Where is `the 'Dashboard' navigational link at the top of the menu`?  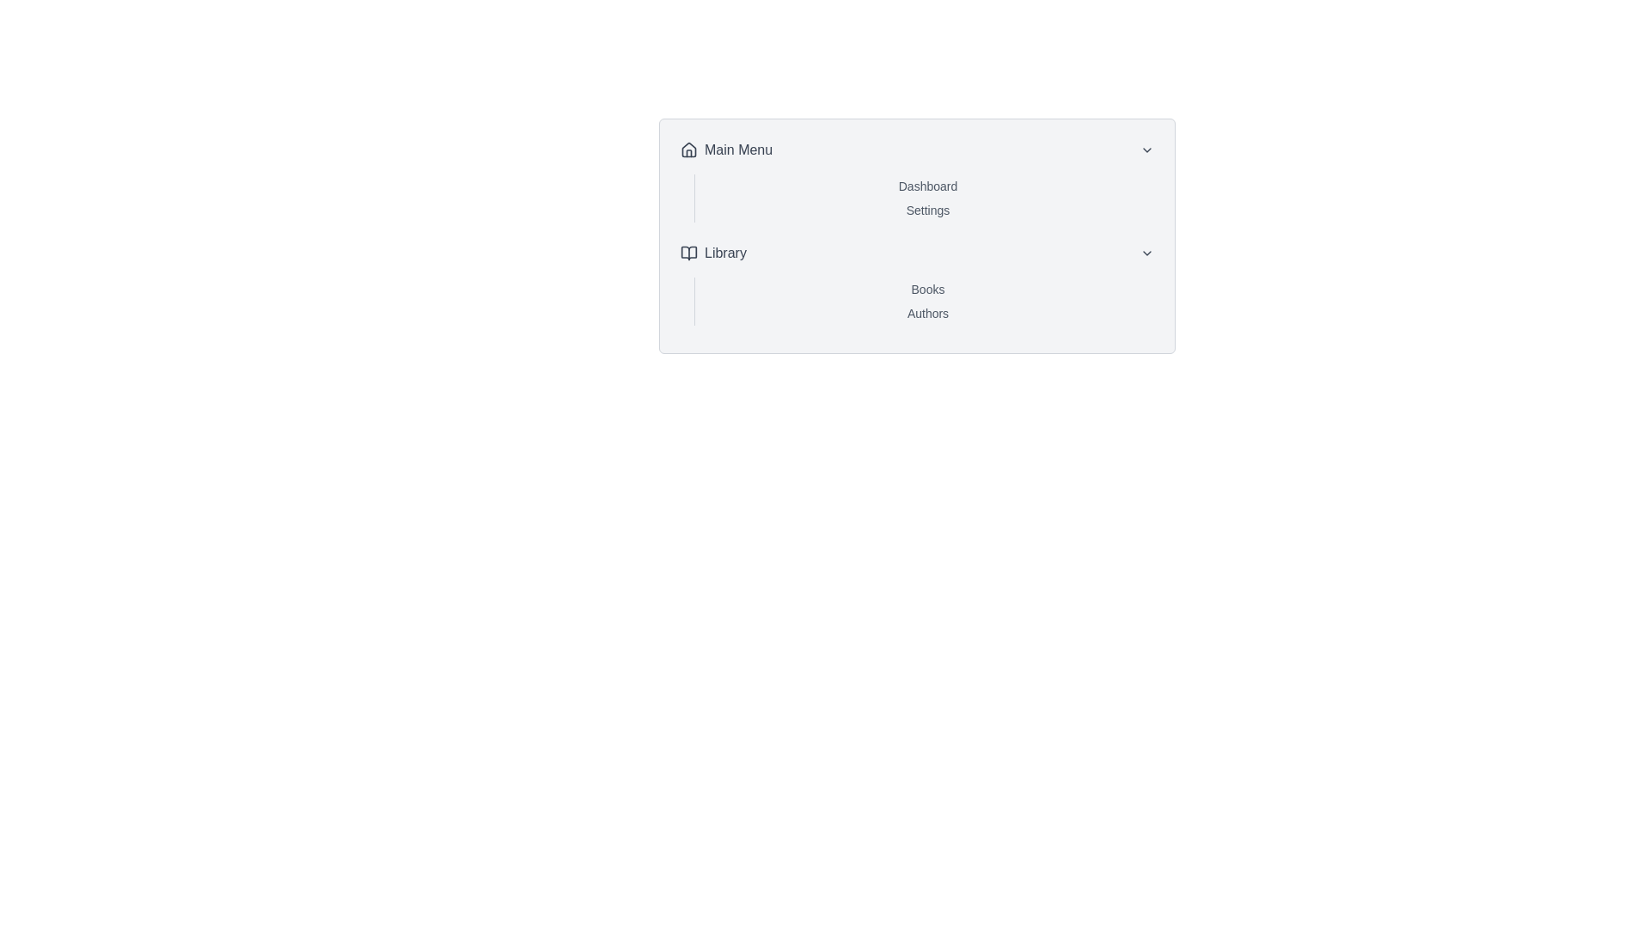 the 'Dashboard' navigational link at the top of the menu is located at coordinates (927, 186).